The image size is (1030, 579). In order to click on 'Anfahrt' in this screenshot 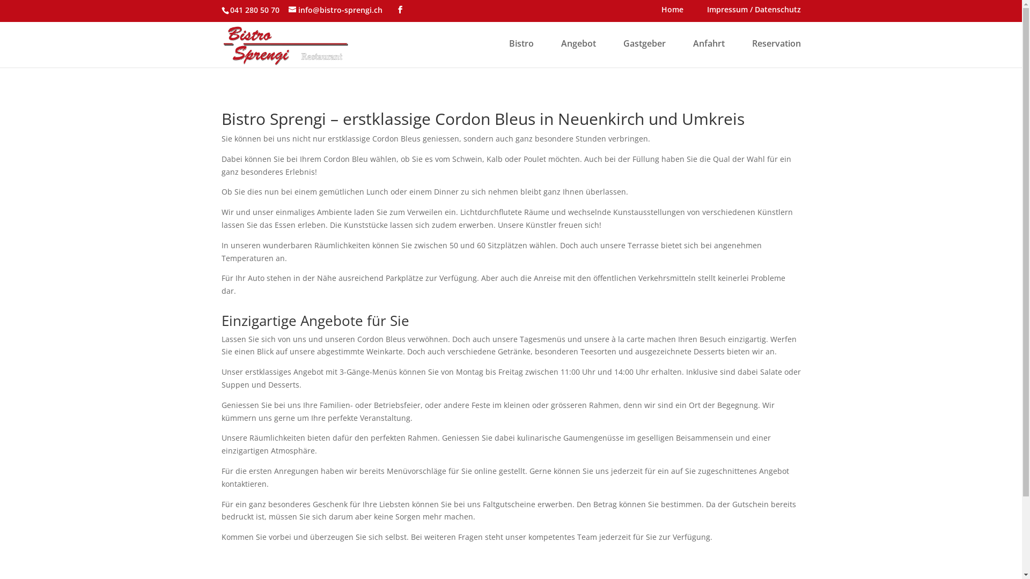, I will do `click(693, 52)`.